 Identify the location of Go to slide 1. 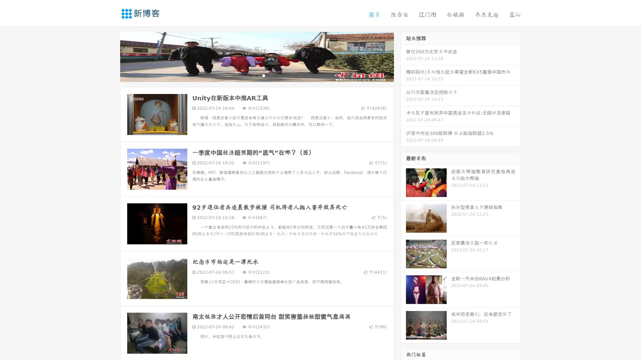
(250, 75).